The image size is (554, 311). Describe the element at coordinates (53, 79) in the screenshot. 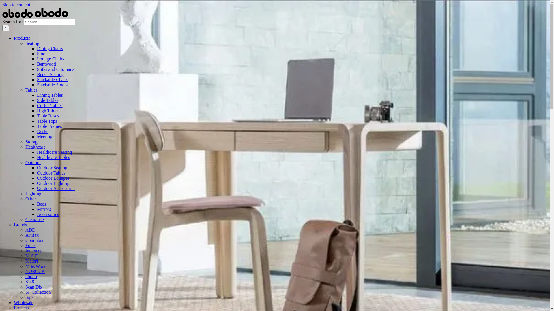

I see `'Stackable Chairs'` at that location.